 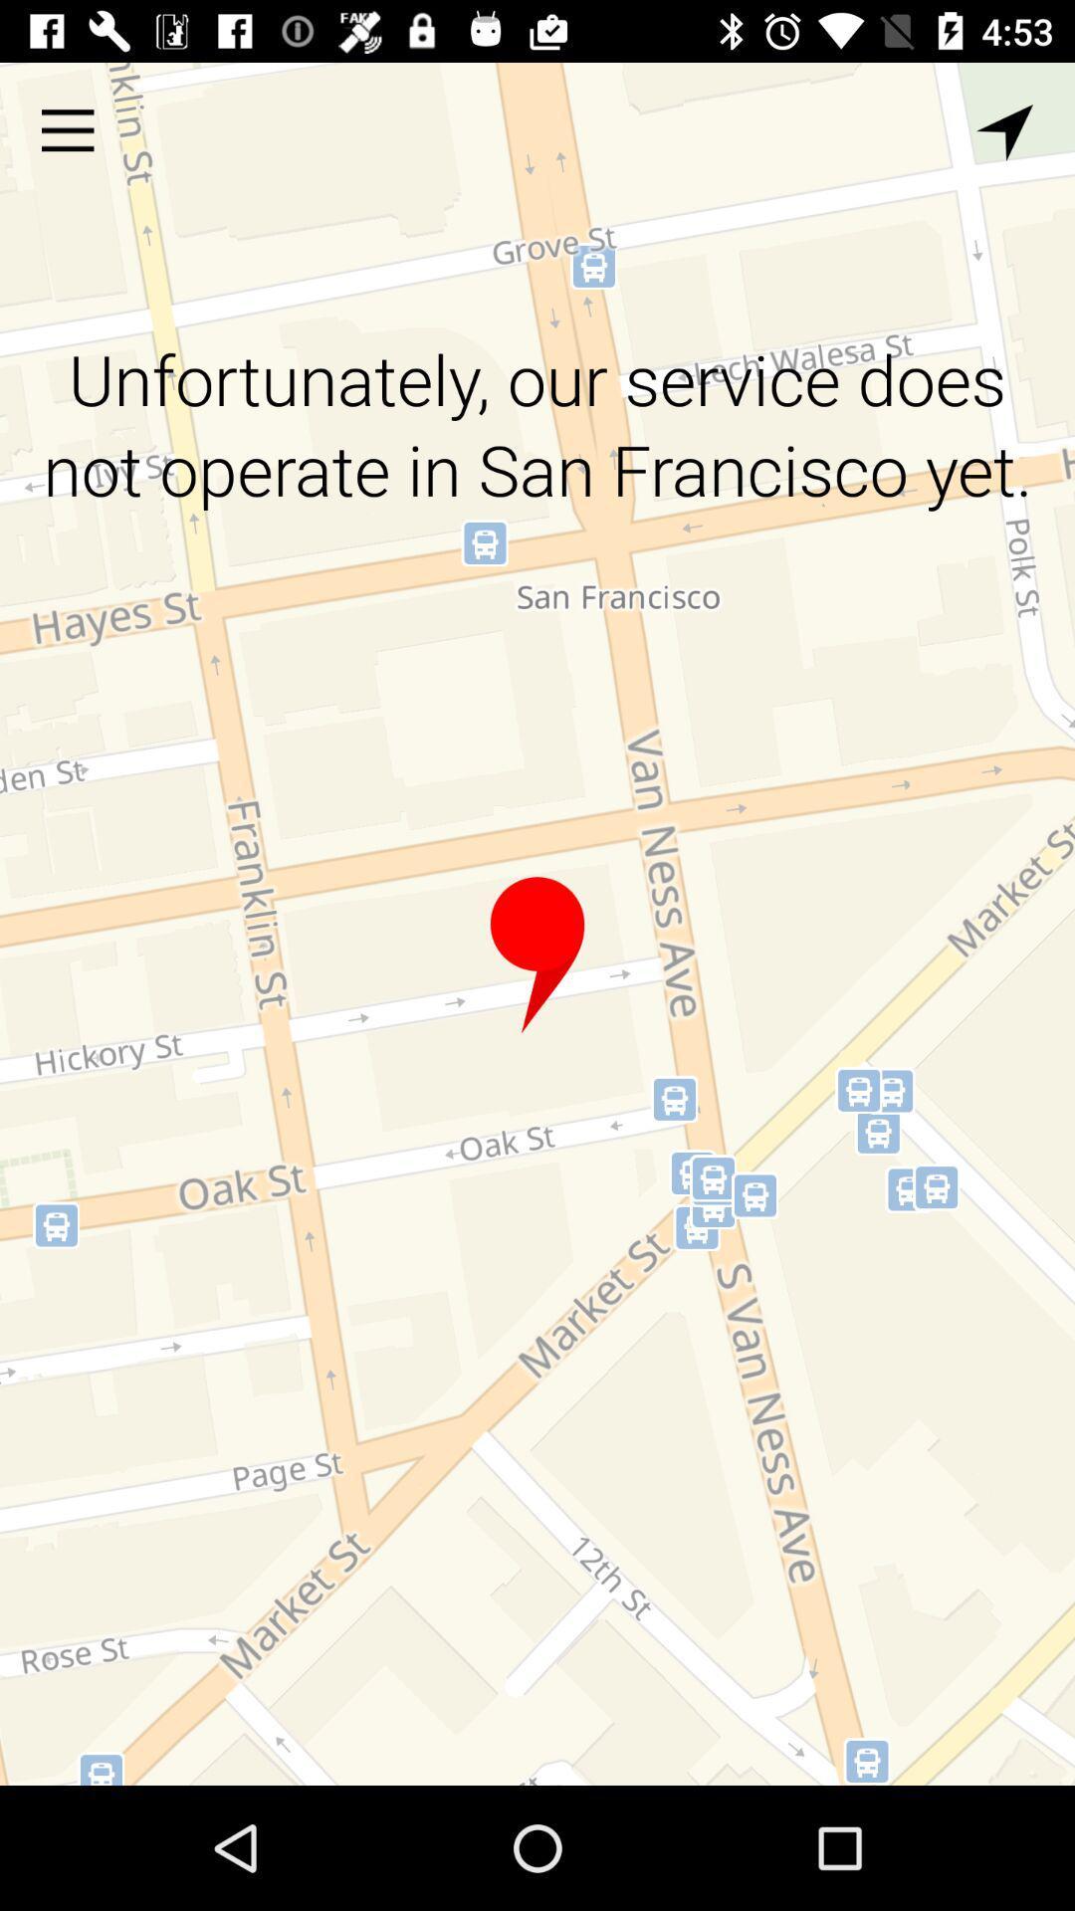 I want to click on location, so click(x=537, y=955).